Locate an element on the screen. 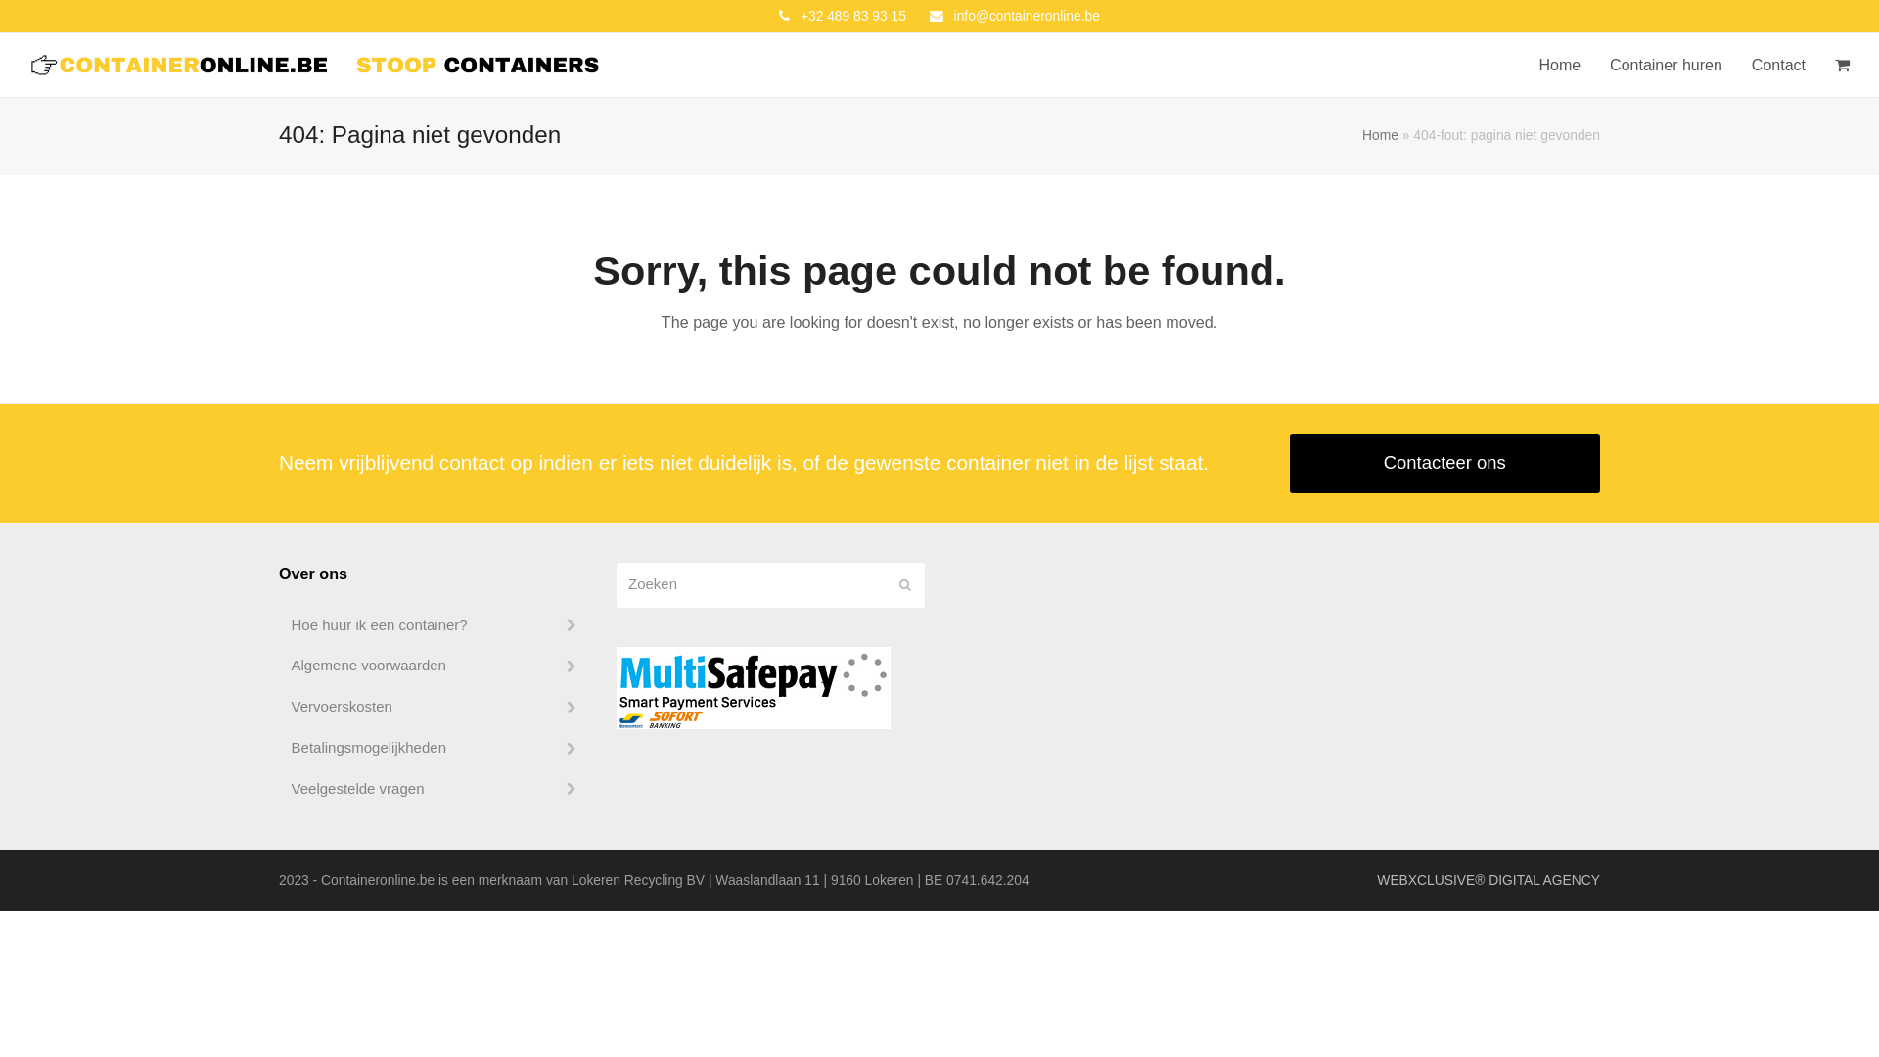 The width and height of the screenshot is (1879, 1057). 'Contacteer ons' is located at coordinates (1445, 463).